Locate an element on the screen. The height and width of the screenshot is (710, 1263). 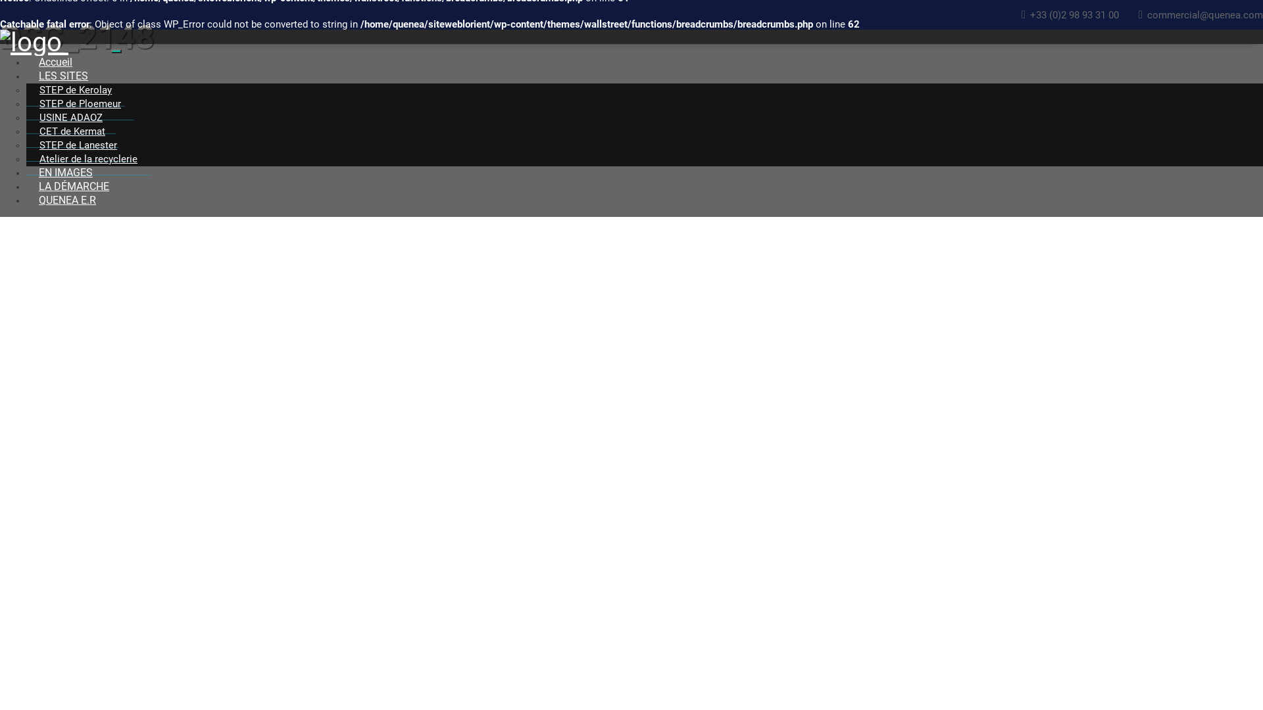
'USINE ADAOZ' is located at coordinates (70, 117).